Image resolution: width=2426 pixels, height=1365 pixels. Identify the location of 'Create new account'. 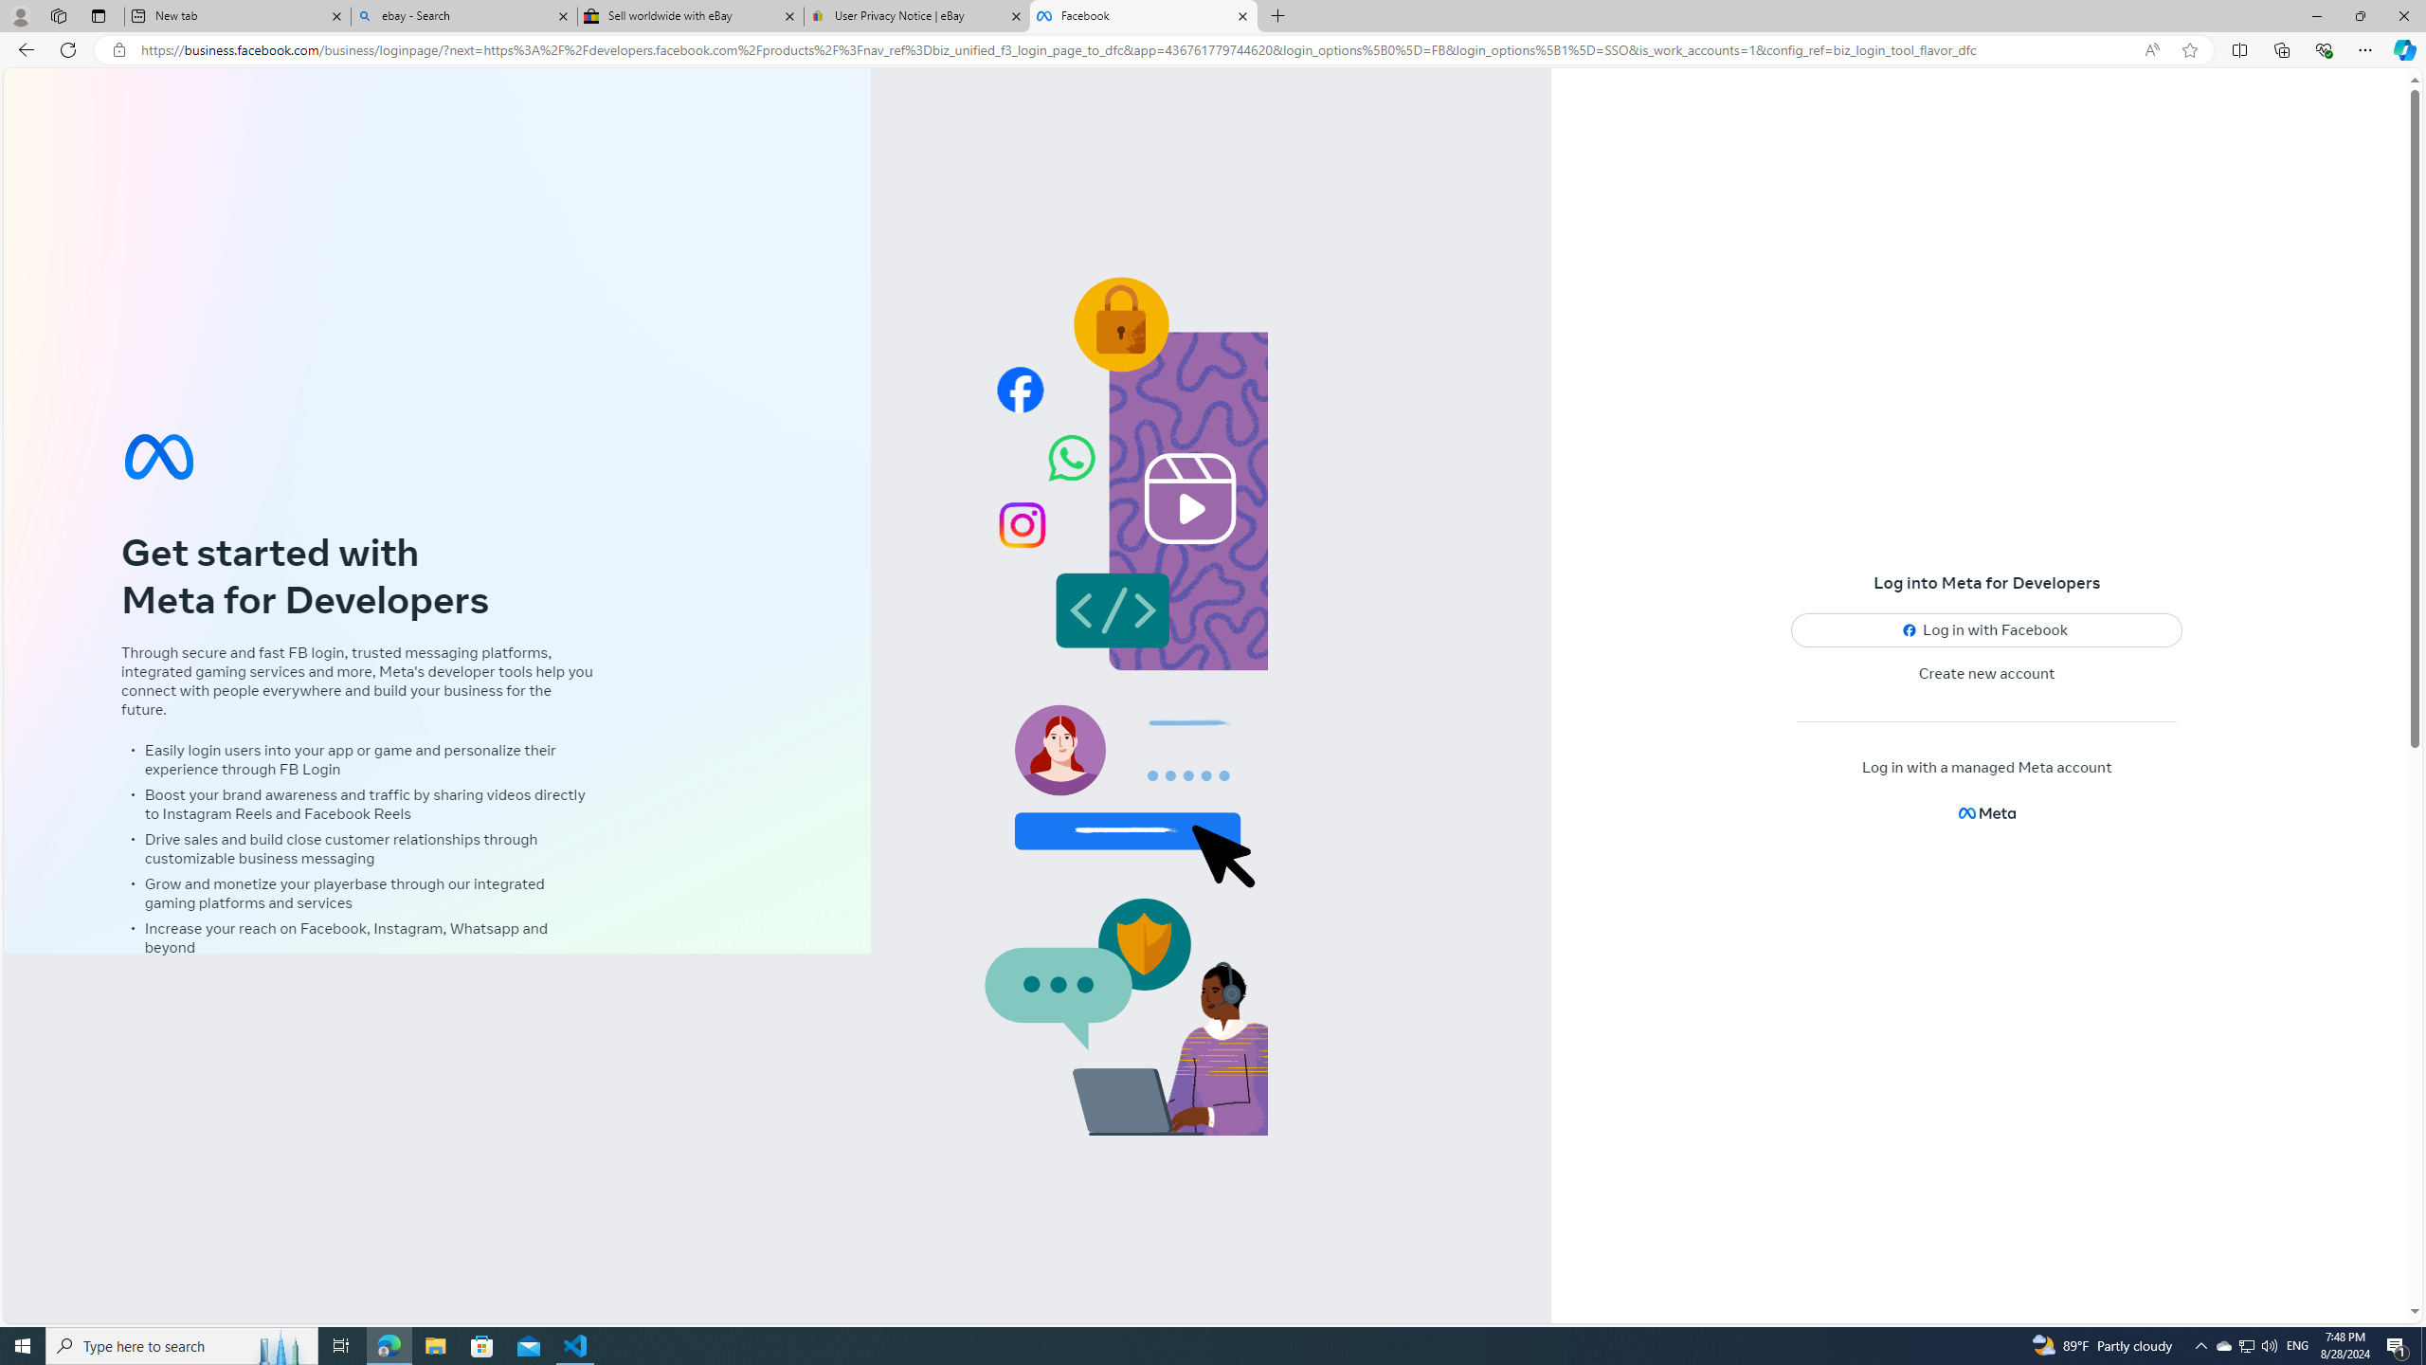
(1986, 674).